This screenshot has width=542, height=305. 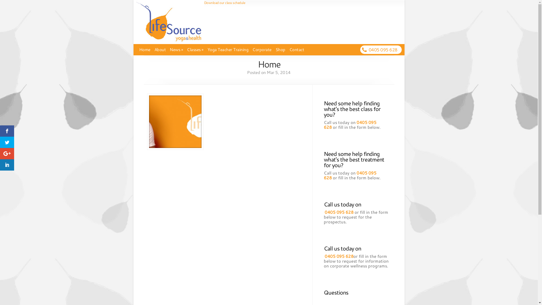 What do you see at coordinates (187, 49) in the screenshot?
I see `'Classes'` at bounding box center [187, 49].